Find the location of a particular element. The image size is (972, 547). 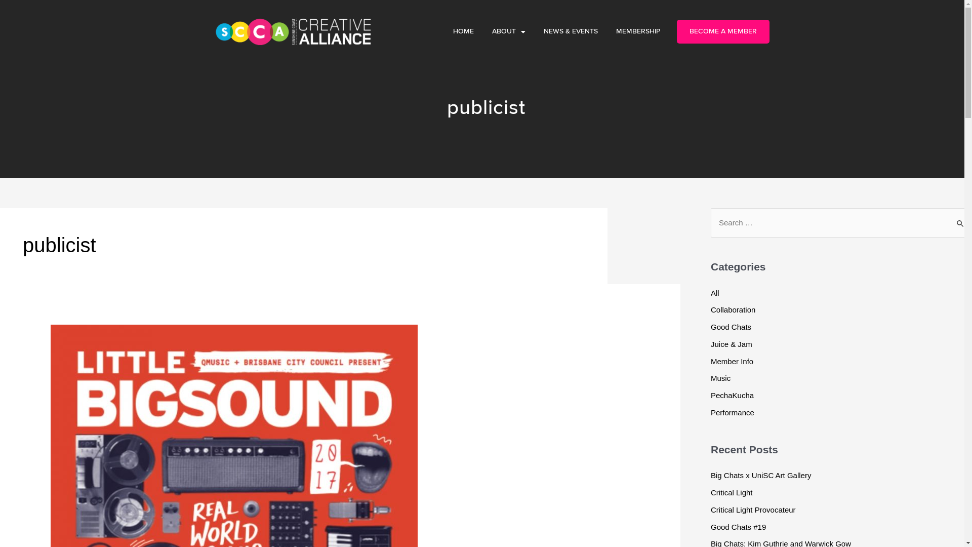

'Critical Light Provocateur' is located at coordinates (753, 510).